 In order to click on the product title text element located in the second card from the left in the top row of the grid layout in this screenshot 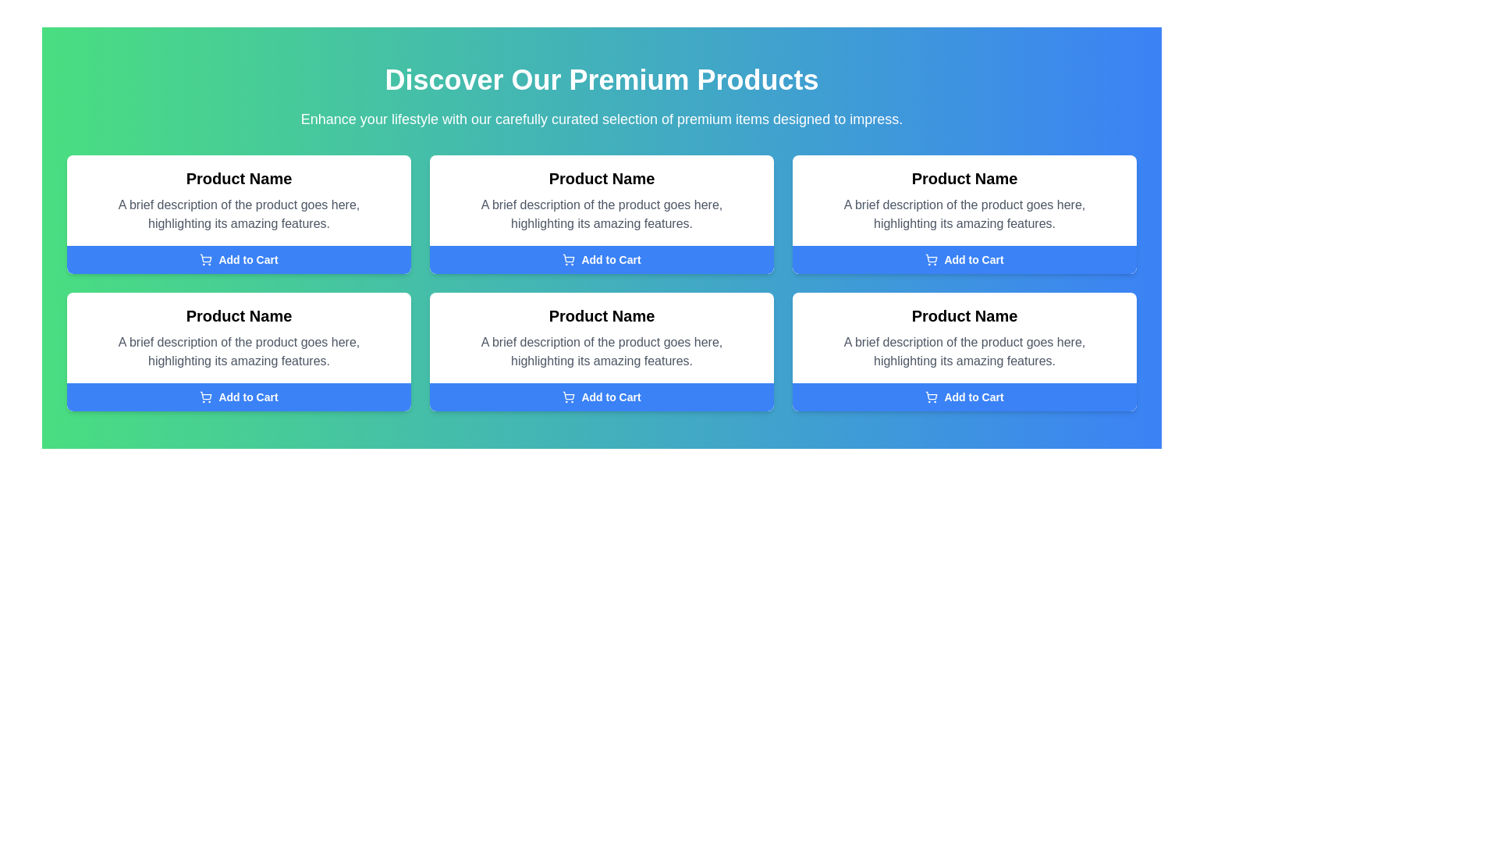, I will do `click(964, 177)`.